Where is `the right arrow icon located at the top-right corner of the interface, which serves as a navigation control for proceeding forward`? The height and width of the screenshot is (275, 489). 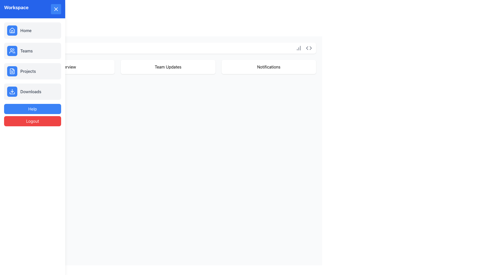
the right arrow icon located at the top-right corner of the interface, which serves as a navigation control for proceeding forward is located at coordinates (310, 48).